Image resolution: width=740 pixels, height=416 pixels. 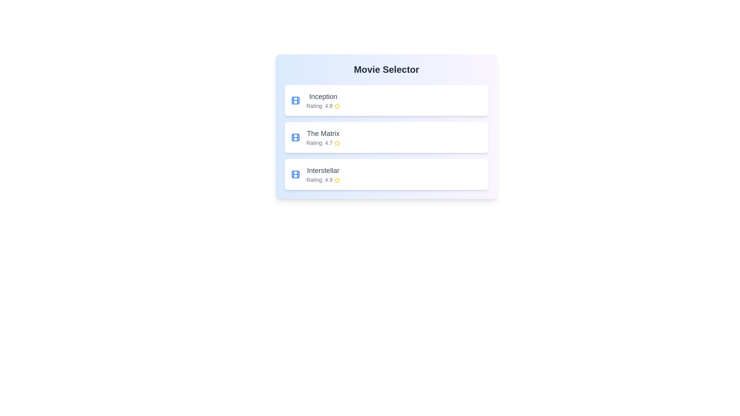 I want to click on the movie titled Inception from the list, so click(x=387, y=100).